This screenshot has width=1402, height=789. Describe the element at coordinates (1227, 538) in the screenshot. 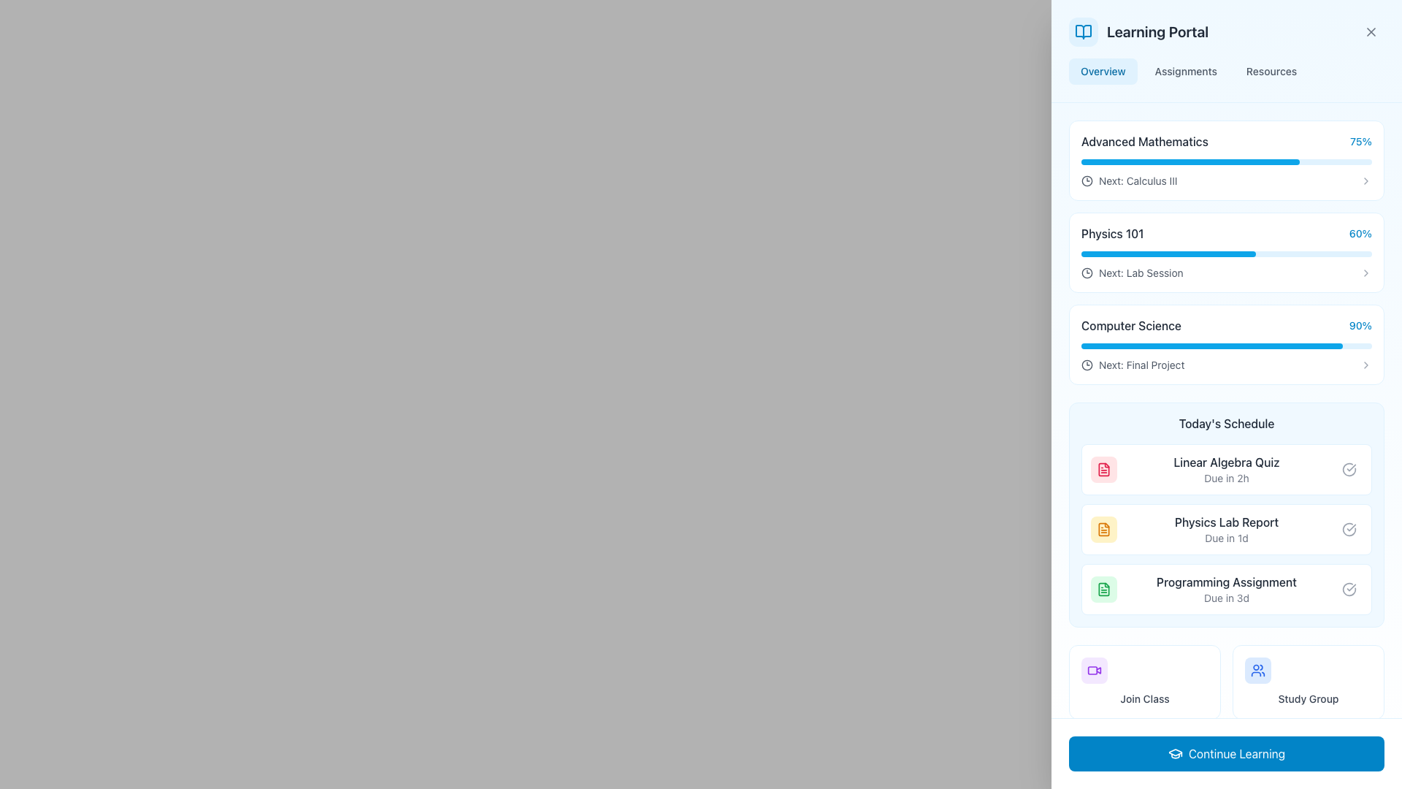

I see `the static text element providing auxiliary information about the deadline of a task, located in the 'Physics Lab Report' section under 'Today's Schedule', directly below the title 'Physics Lab Report'` at that location.